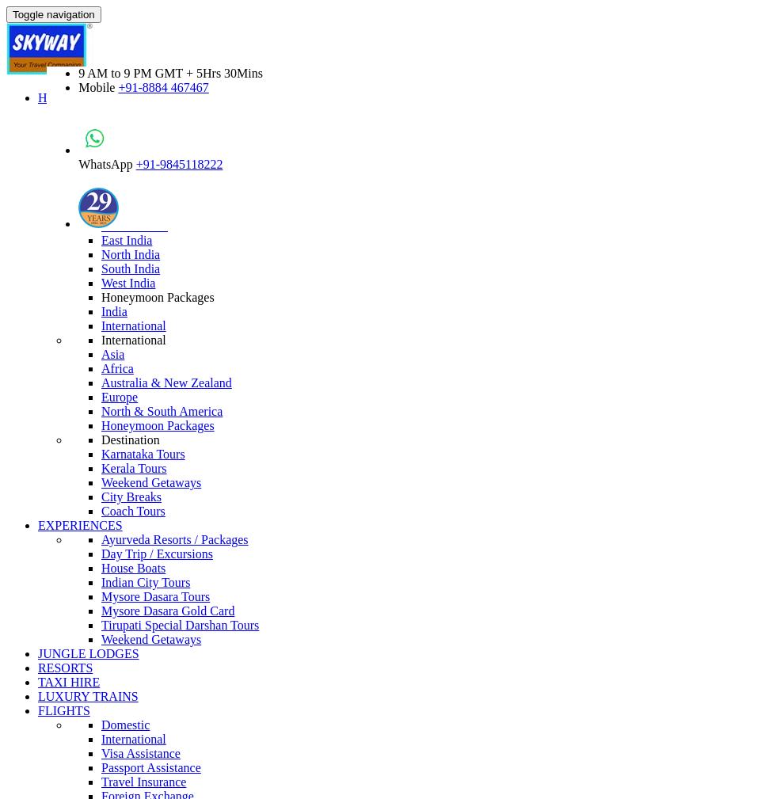 The width and height of the screenshot is (761, 799). Describe the element at coordinates (101, 310) in the screenshot. I see `'India'` at that location.